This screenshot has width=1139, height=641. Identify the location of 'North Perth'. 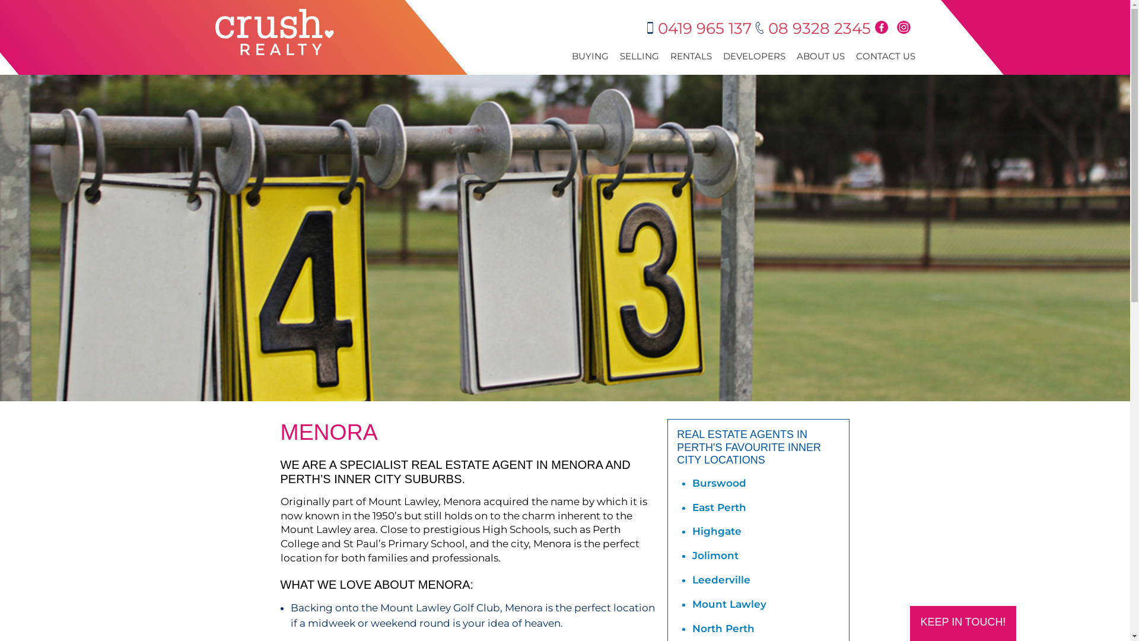
(723, 628).